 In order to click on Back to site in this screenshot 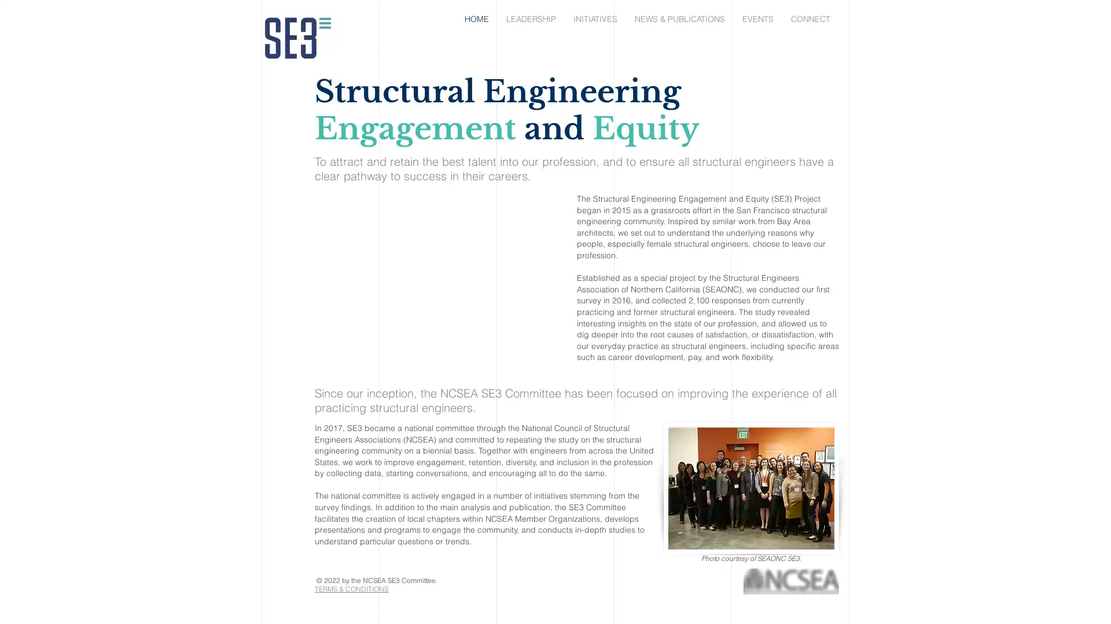, I will do `click(733, 179)`.